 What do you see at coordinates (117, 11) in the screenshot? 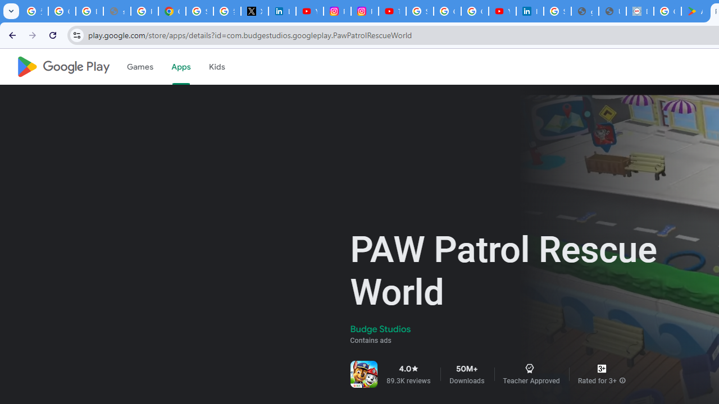
I see `'support.google.com - Network error'` at bounding box center [117, 11].